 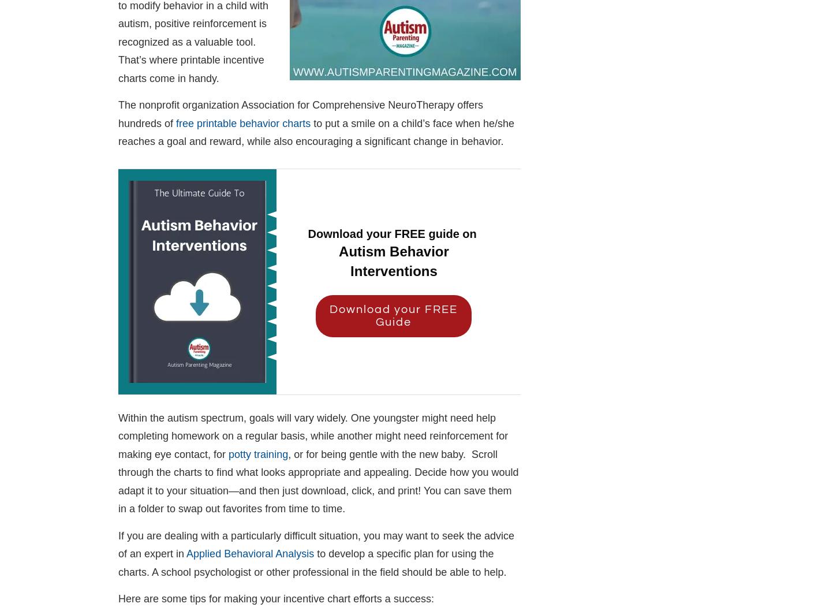 I want to click on ', or for being gentle with the new baby.  Scroll through the charts to find what looks appropriate and appealing. Decide how you would adapt it to your situation—and then just download, click, and print! You can save them in a folder to swap out favorites from time to time.', so click(x=318, y=480).